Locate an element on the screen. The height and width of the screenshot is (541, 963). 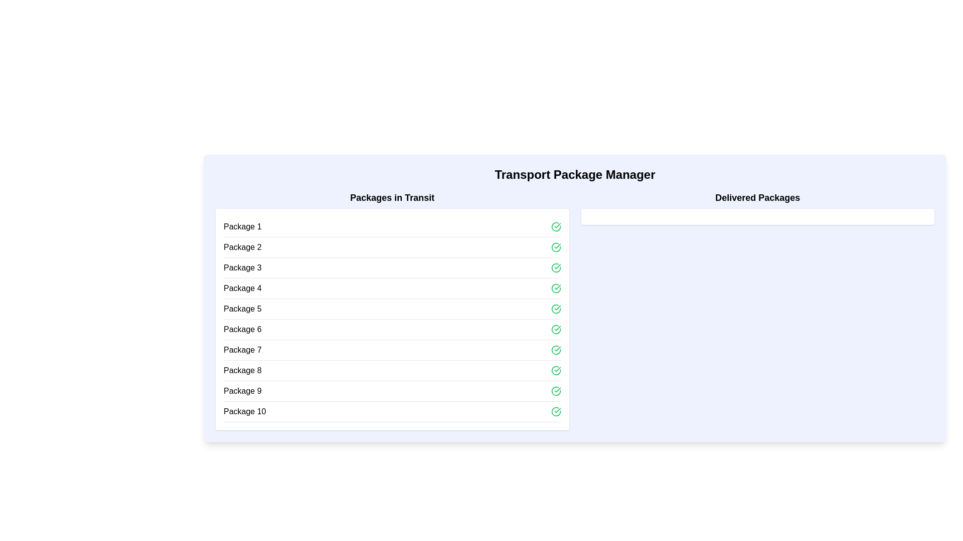
the graphical icon representing the status or approval for 'Package 5', located in the rightmost part of the fifth row in the 'Packages in Transit' list is located at coordinates (555, 309).